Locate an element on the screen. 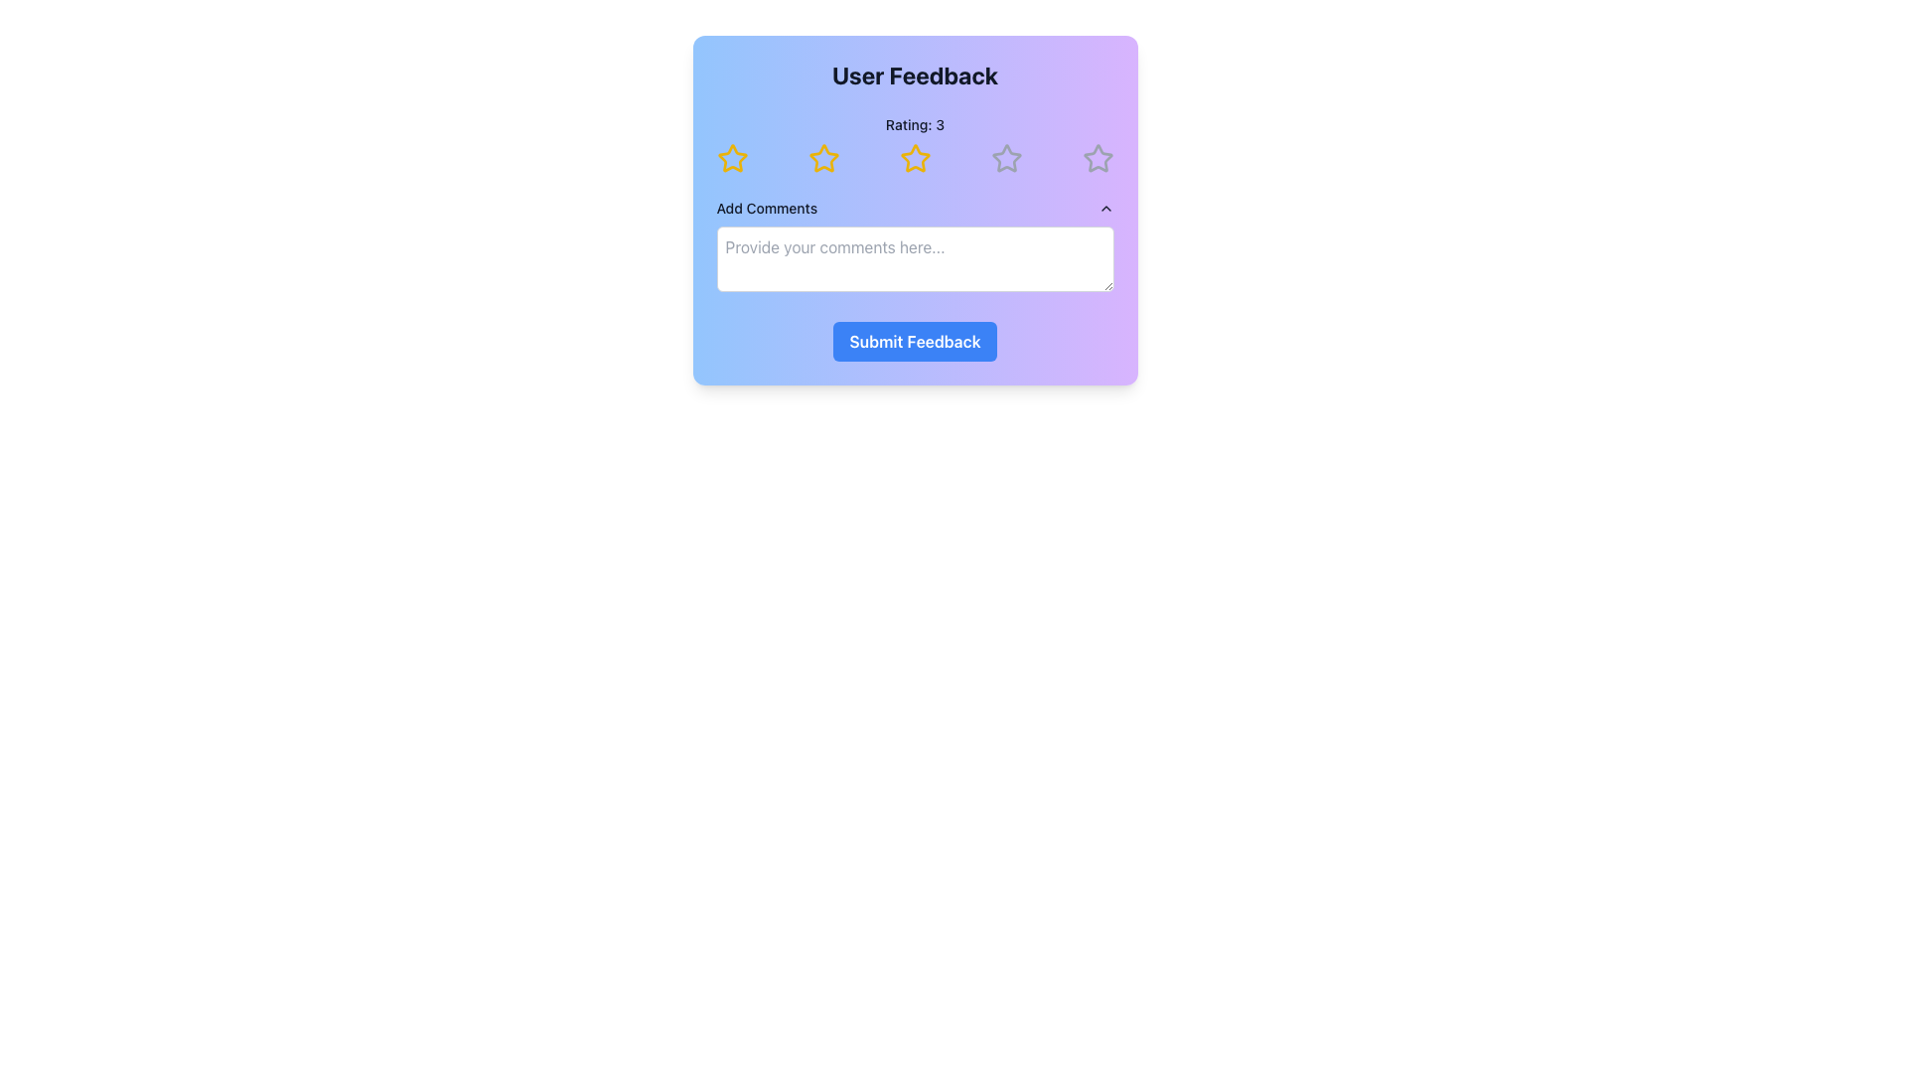 The image size is (1907, 1073). across the second star icon from the left in the user feedback section is located at coordinates (823, 157).